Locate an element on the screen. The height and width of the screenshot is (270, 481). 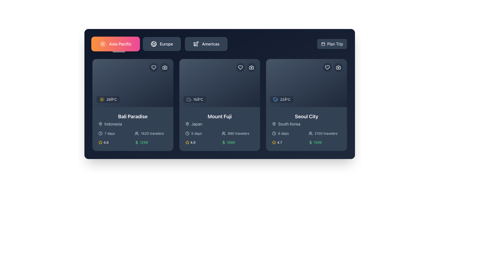
informational text indicating the number of travelers associated with the 'Bali Paradise' card, located in the lower section of the first dark card in a horizontal grid layout is located at coordinates (151, 133).